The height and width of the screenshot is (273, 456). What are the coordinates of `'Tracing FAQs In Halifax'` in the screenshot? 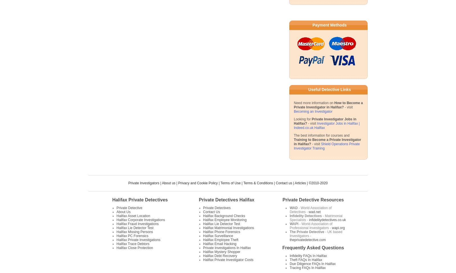 It's located at (308, 268).